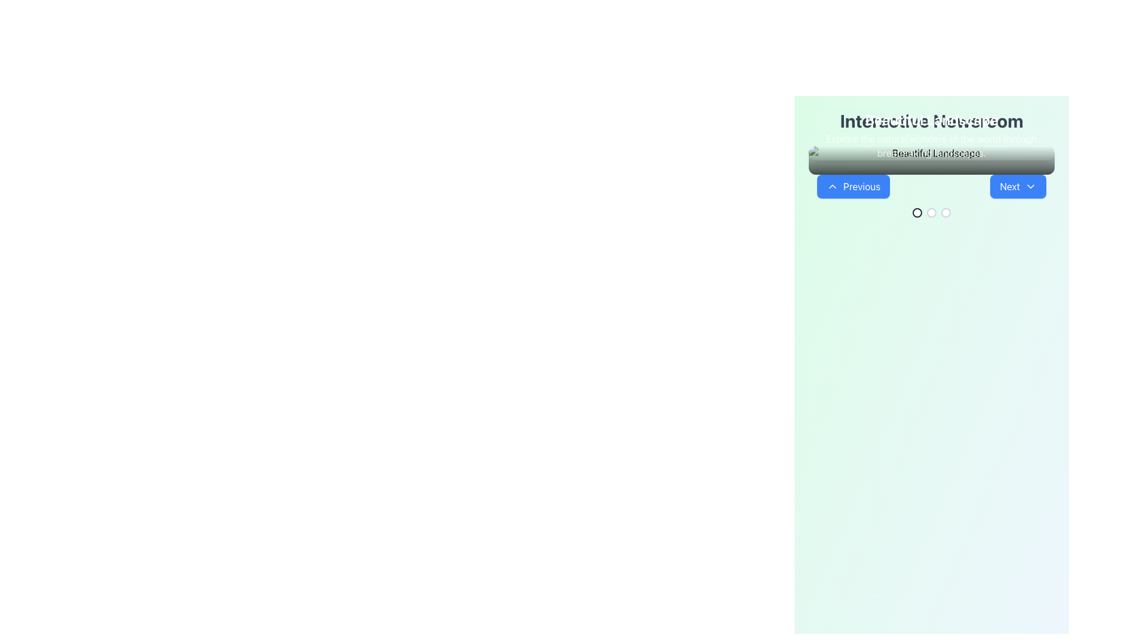 The width and height of the screenshot is (1146, 644). What do you see at coordinates (931, 212) in the screenshot?
I see `the second radio button in the horizontal sequence of three located centrally at the bottom section of the interface` at bounding box center [931, 212].